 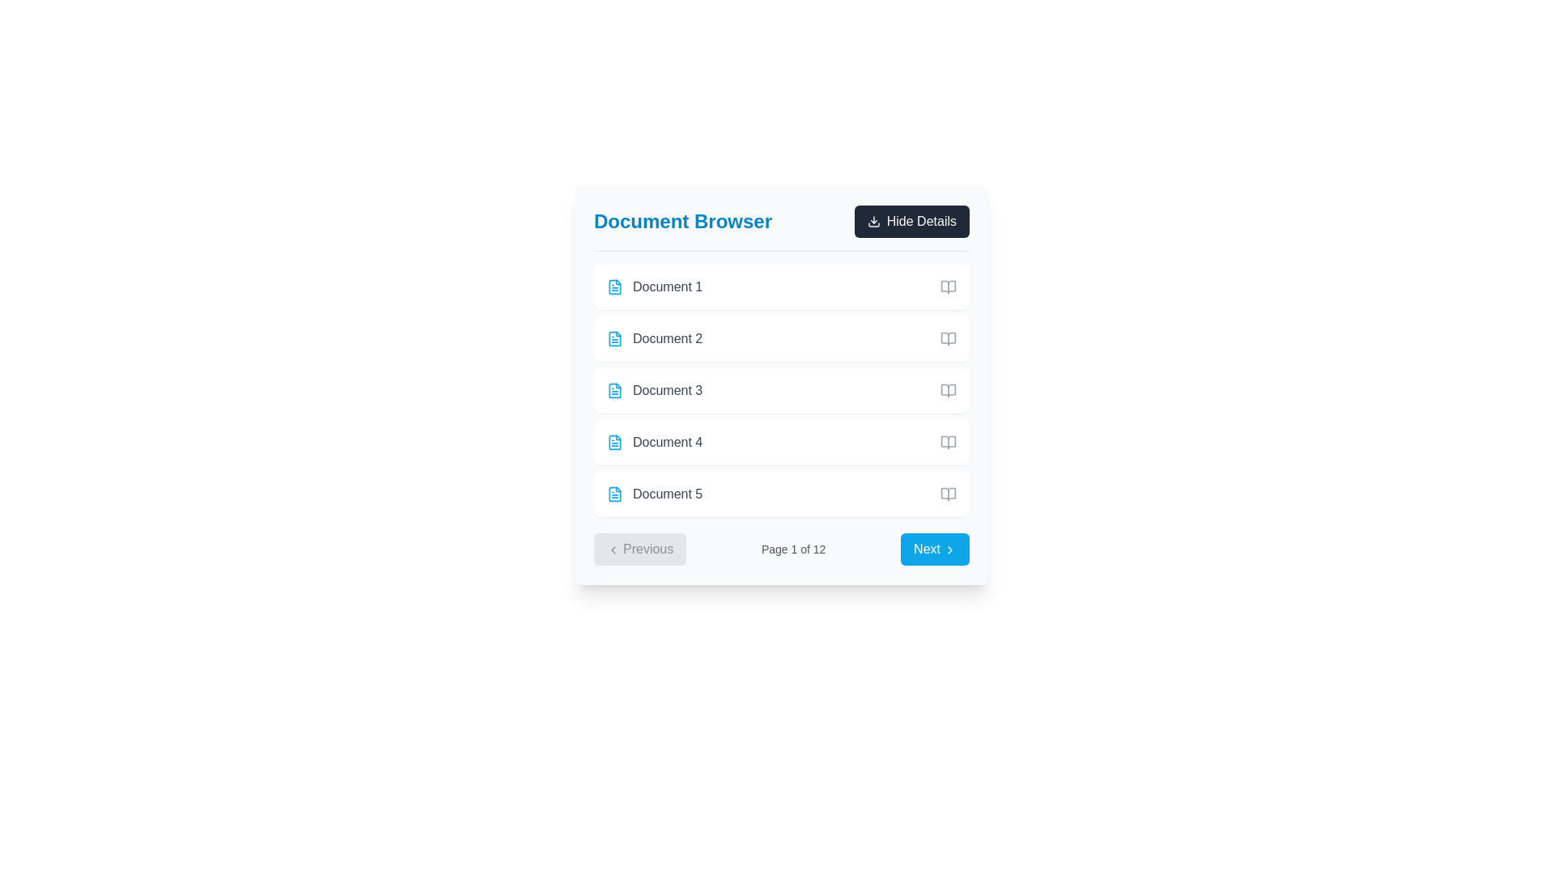 I want to click on the 'Previous Page' button in the Document Browser panel, so click(x=639, y=548).